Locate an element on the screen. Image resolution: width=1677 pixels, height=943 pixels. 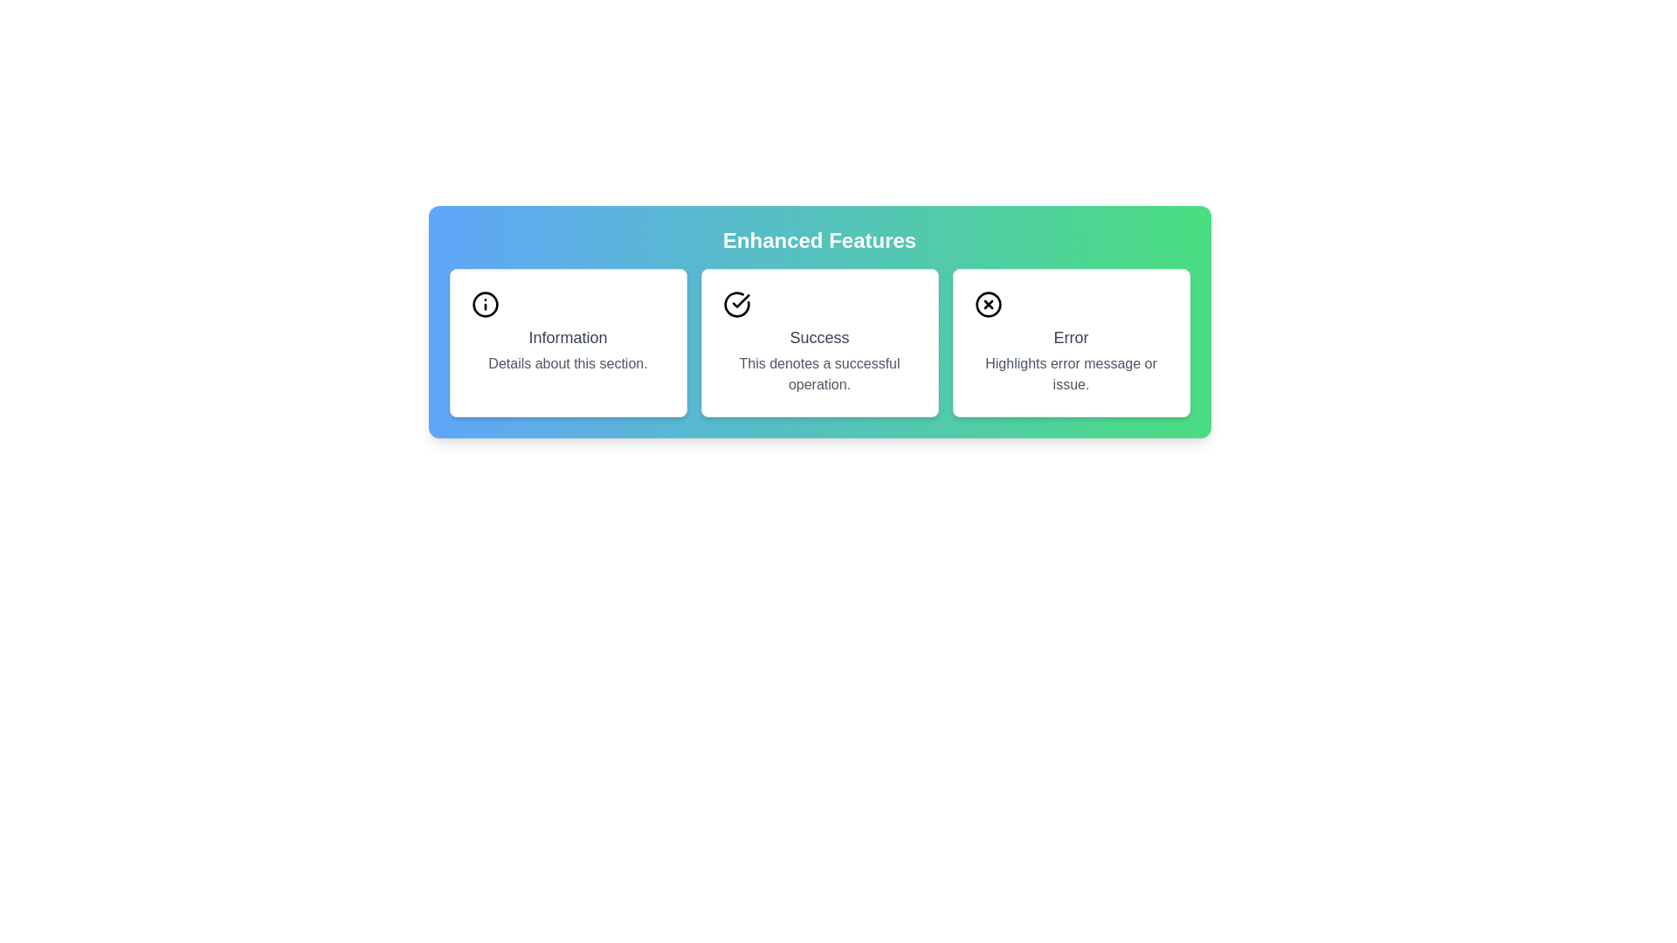
the circular 'close' icon with a black outline located at the top-left corner of the 'Error' card is located at coordinates (988, 303).